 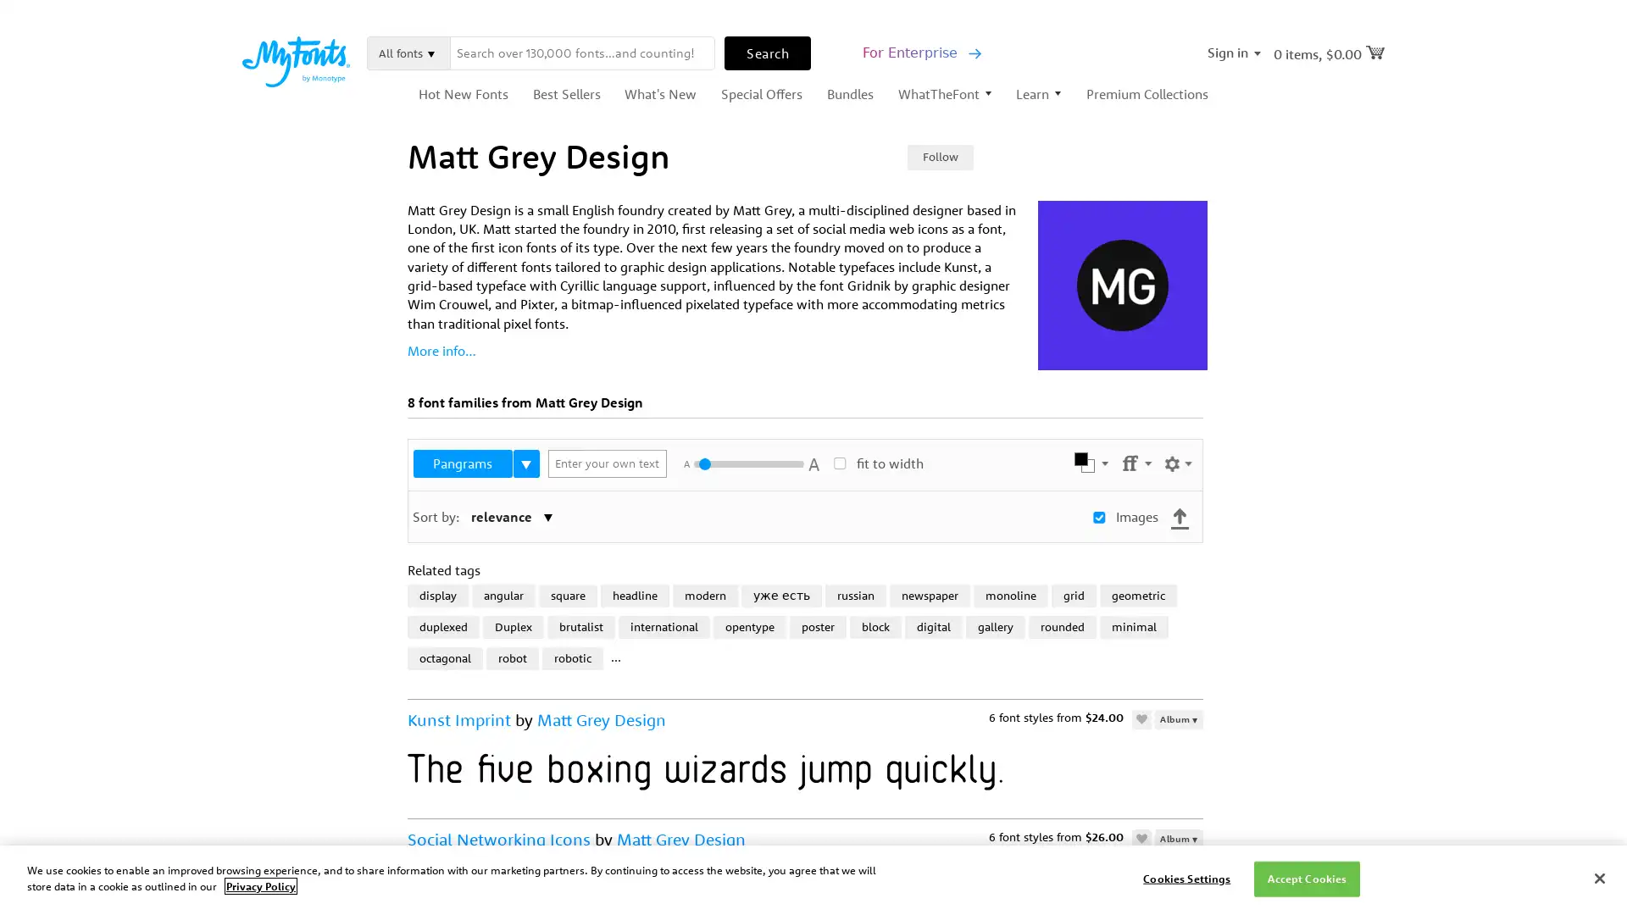 I want to click on Search, so click(x=767, y=51).